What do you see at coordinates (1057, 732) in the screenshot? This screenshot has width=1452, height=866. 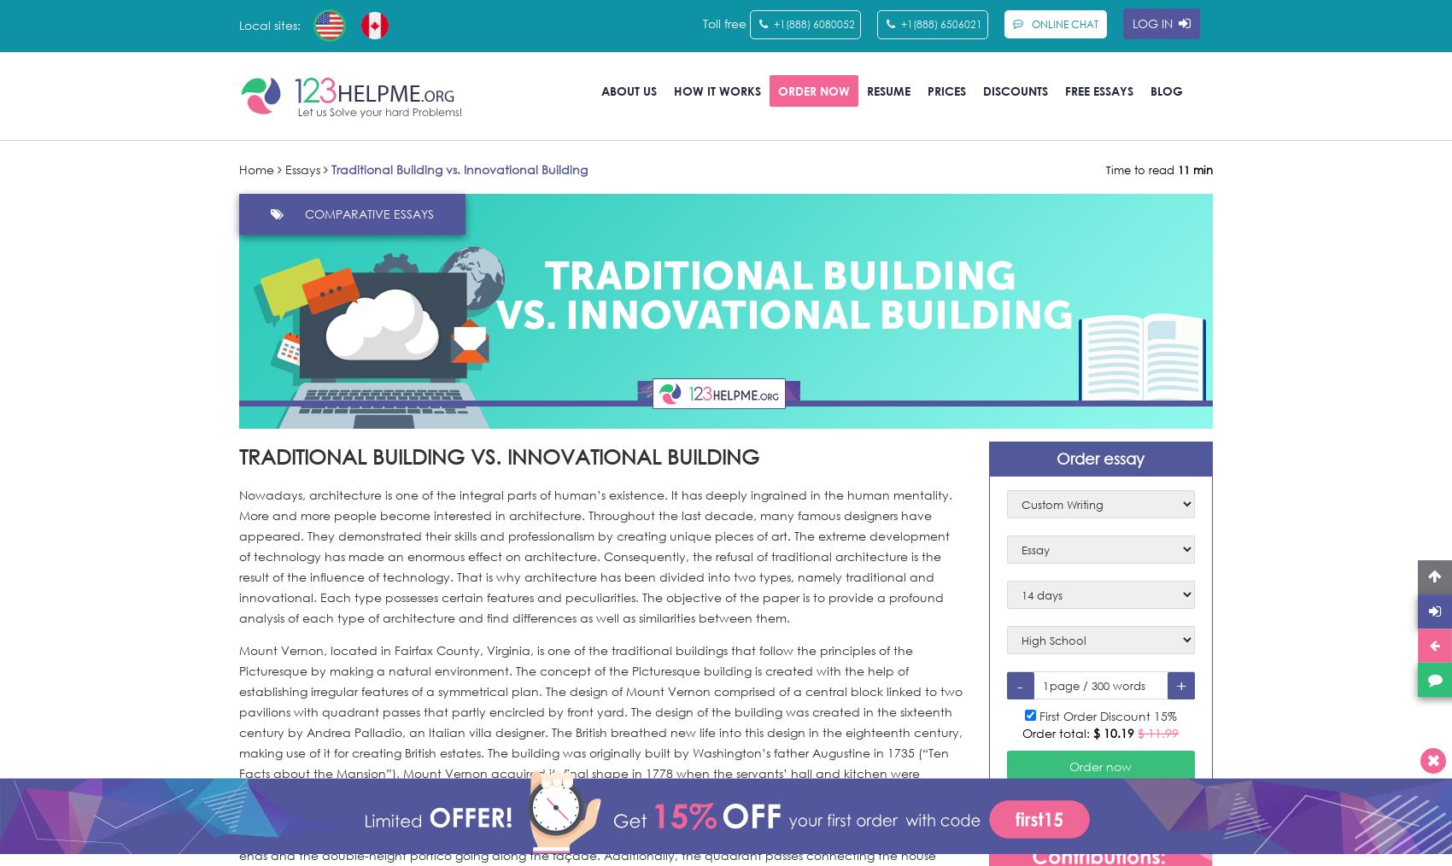 I see `'Order total:'` at bounding box center [1057, 732].